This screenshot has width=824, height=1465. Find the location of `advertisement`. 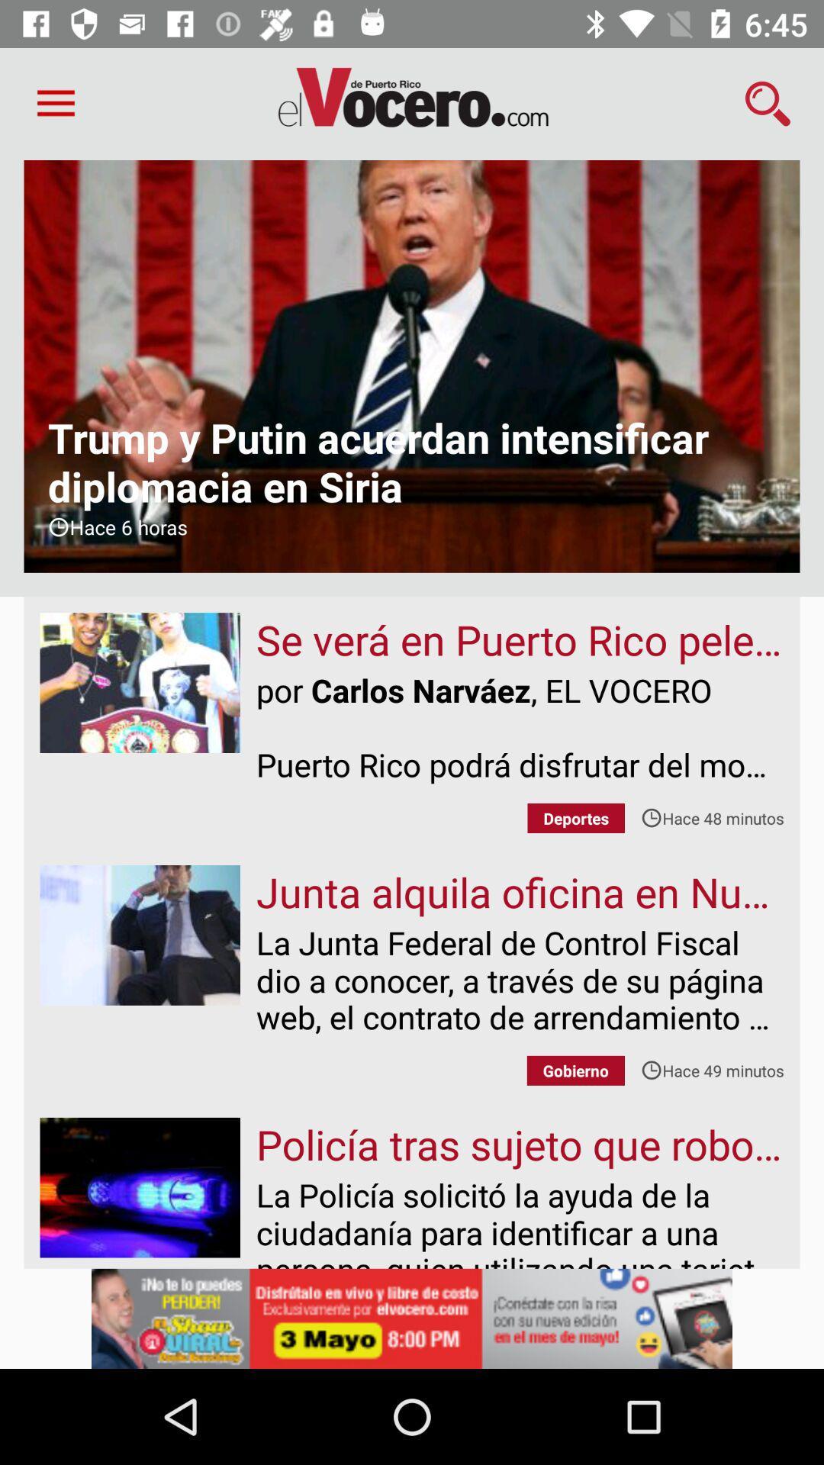

advertisement is located at coordinates (412, 1318).